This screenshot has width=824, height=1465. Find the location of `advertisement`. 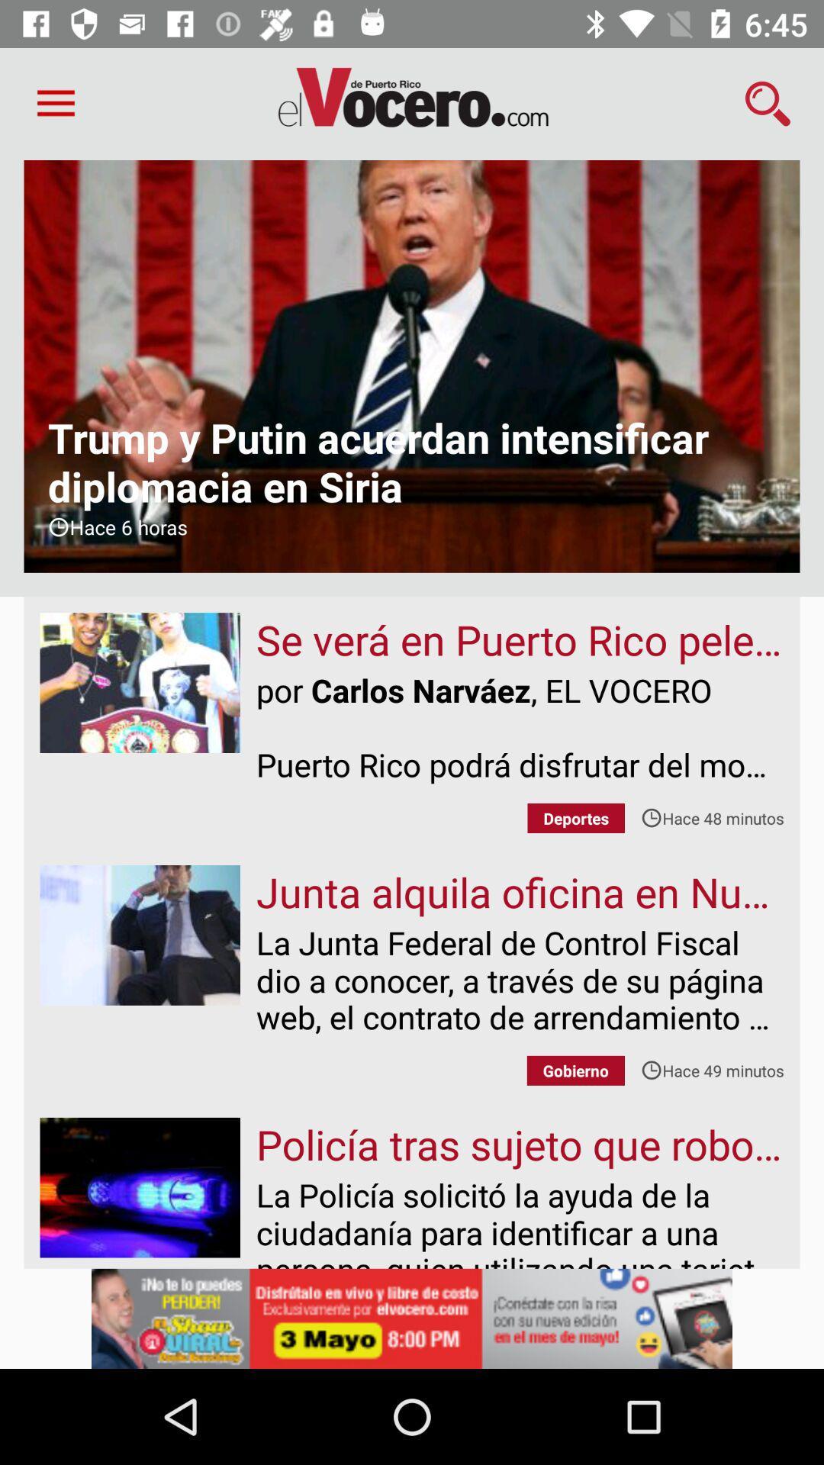

advertisement is located at coordinates (412, 1318).